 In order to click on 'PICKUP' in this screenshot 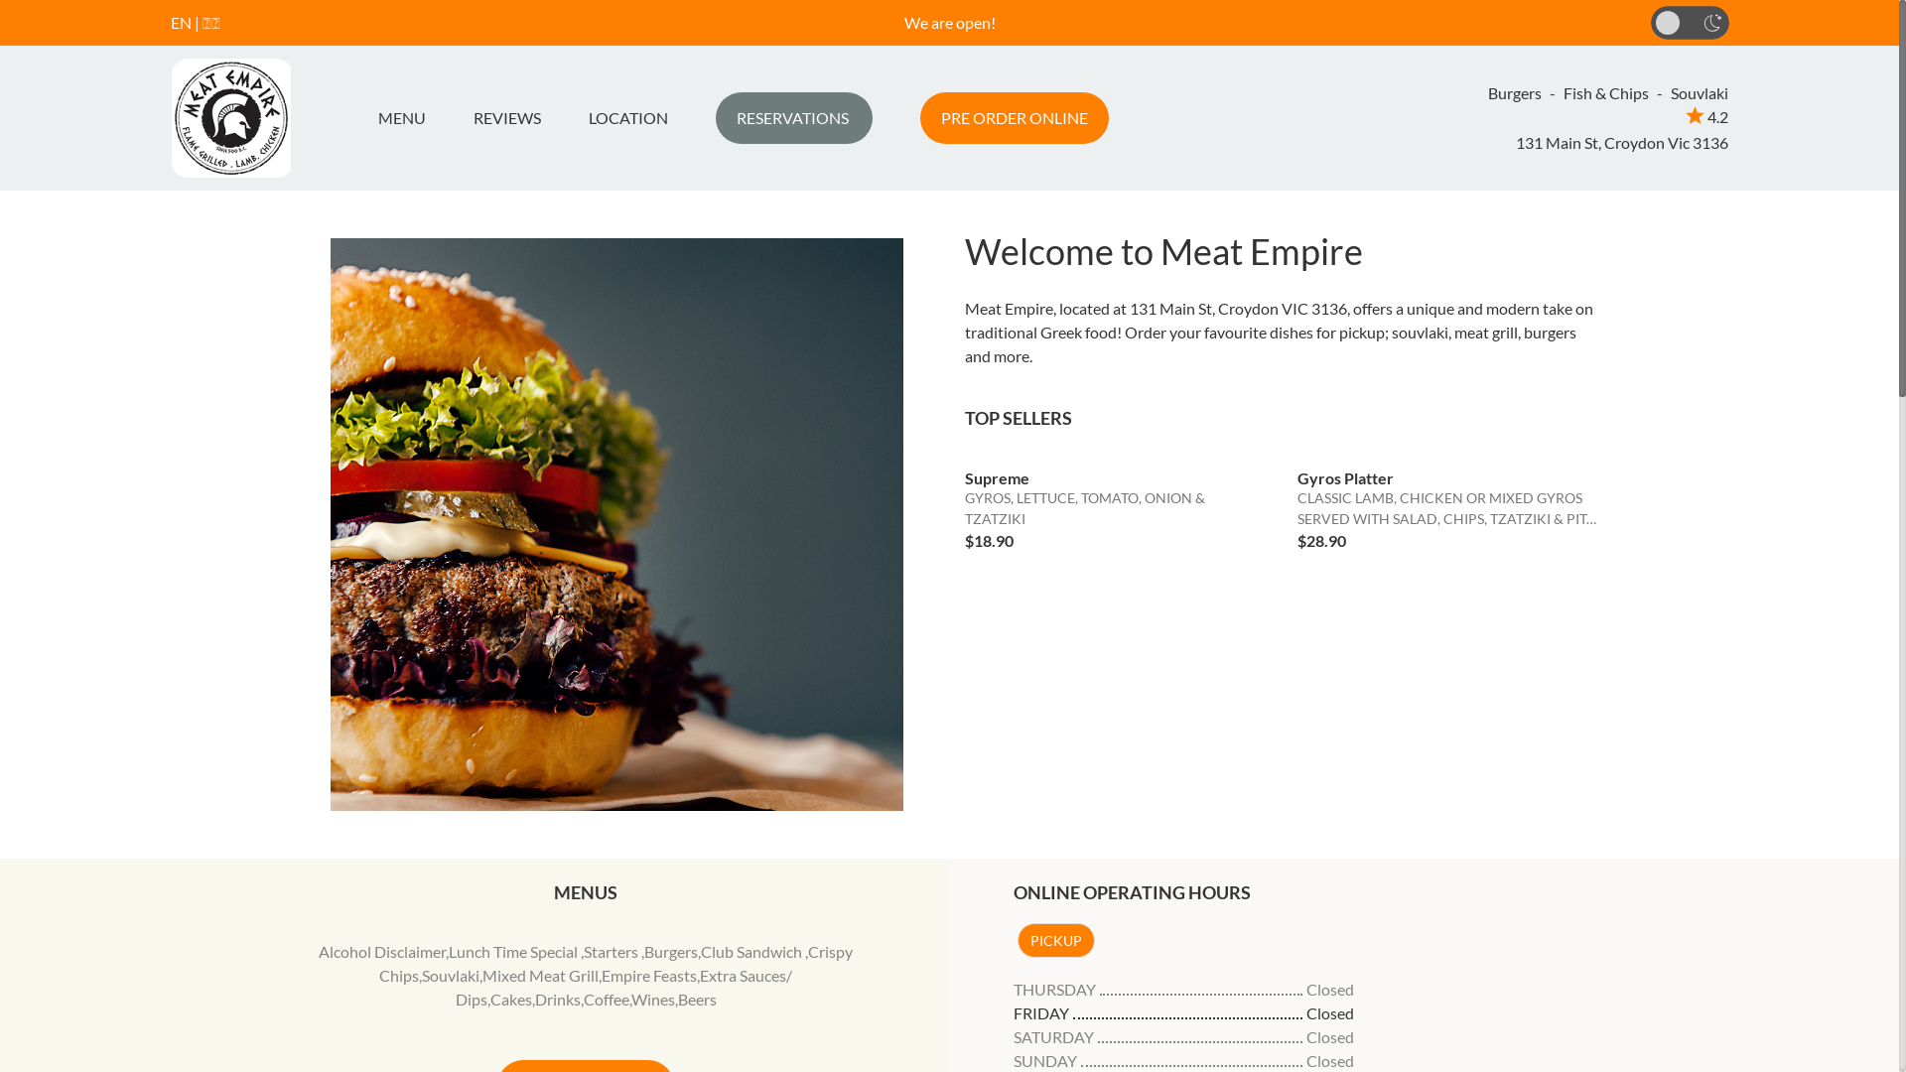, I will do `click(1053, 939)`.